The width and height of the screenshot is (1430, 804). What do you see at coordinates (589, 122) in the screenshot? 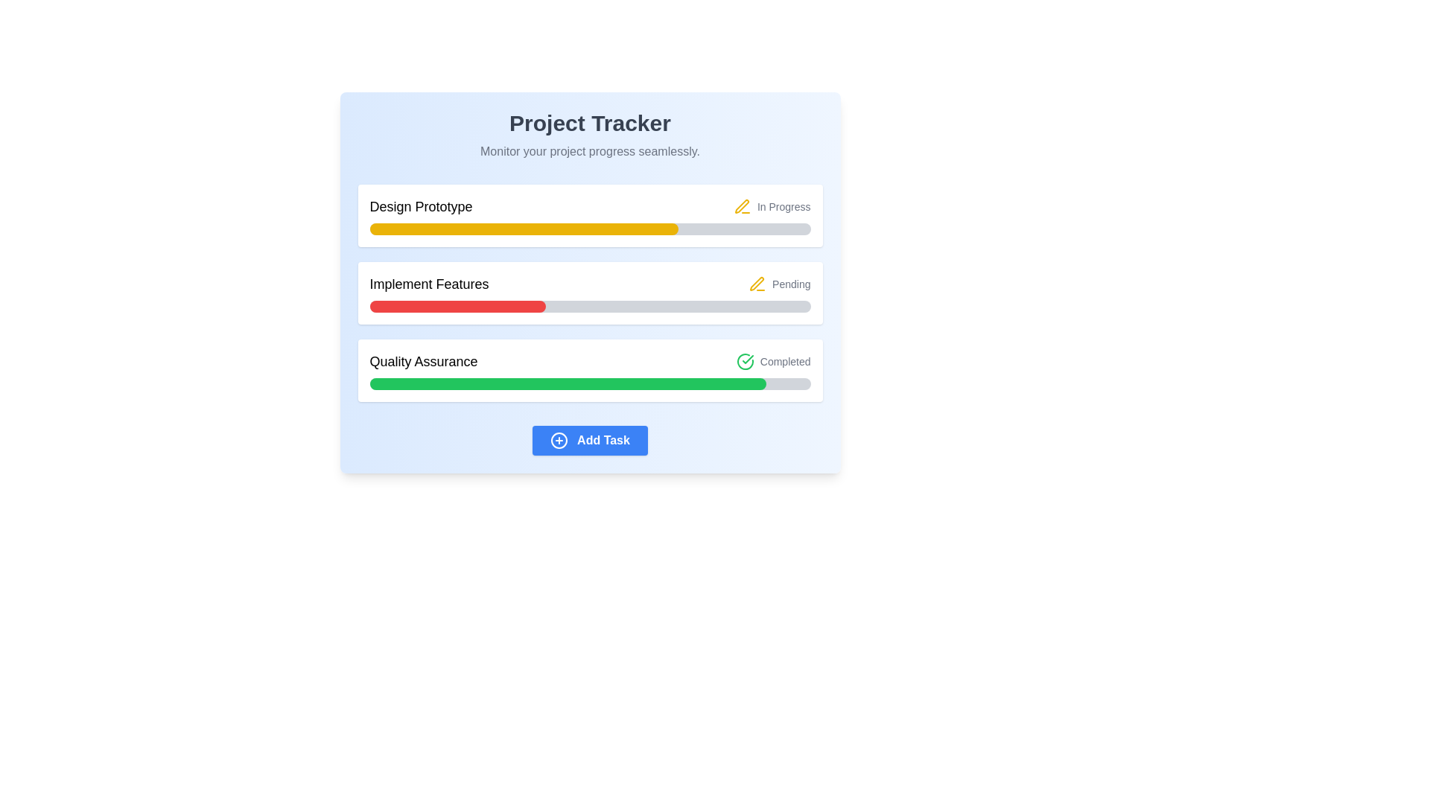
I see `text displayed in the main title of the interface, which identifies the page as 'Project Tracker'` at bounding box center [589, 122].